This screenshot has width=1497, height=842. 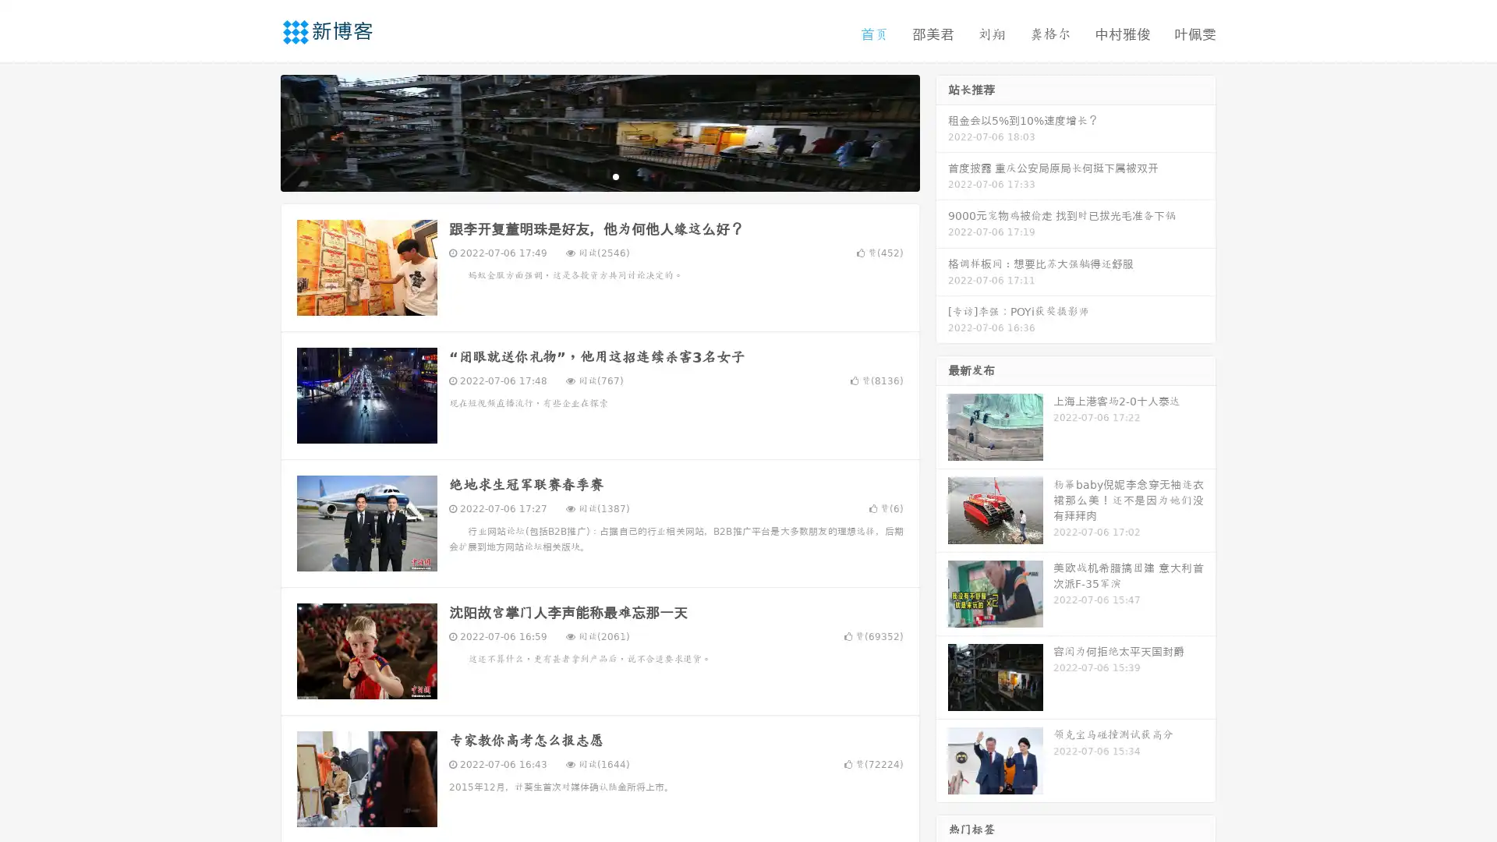 I want to click on Next slide, so click(x=942, y=131).